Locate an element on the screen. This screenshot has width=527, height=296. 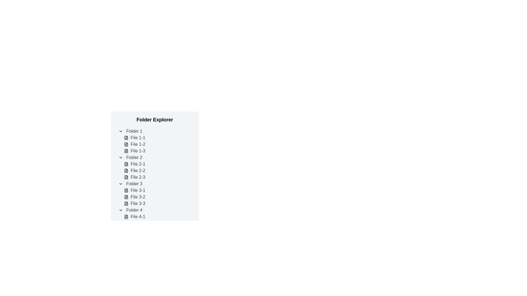
the document icon representing 'File 1-1' in the 'Folder Explorer' under 'Folder 1' is located at coordinates (126, 137).